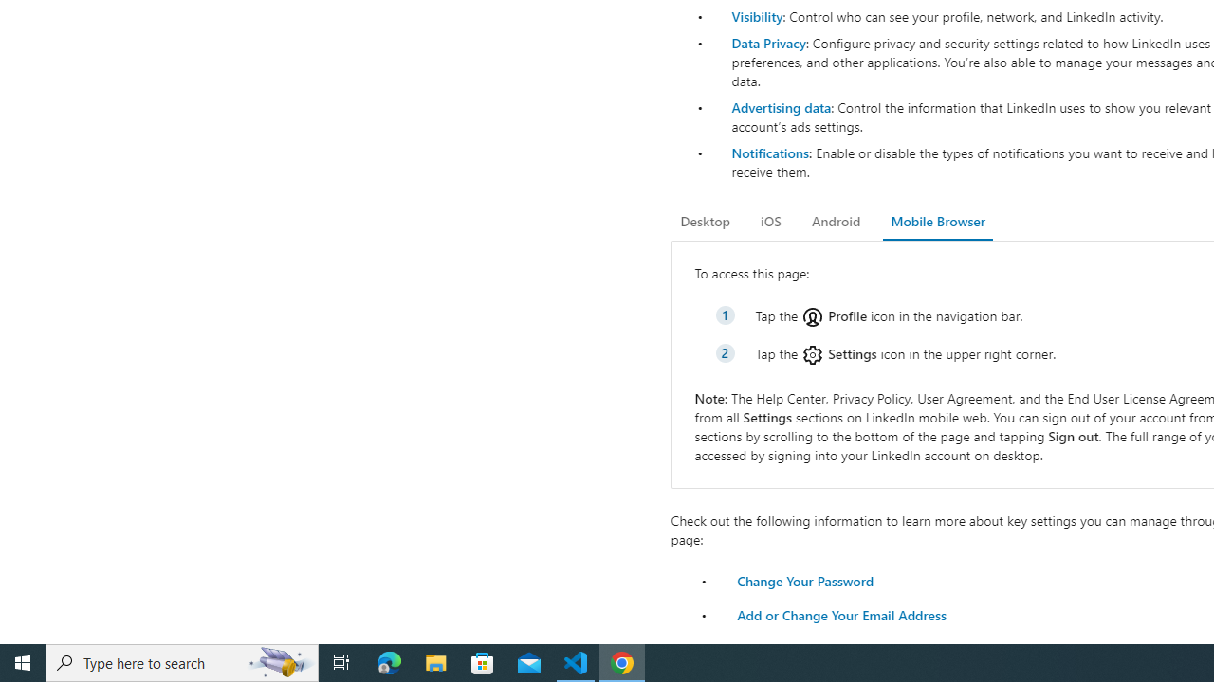 Image resolution: width=1214 pixels, height=682 pixels. What do you see at coordinates (768, 43) in the screenshot?
I see `'Data Privacy'` at bounding box center [768, 43].